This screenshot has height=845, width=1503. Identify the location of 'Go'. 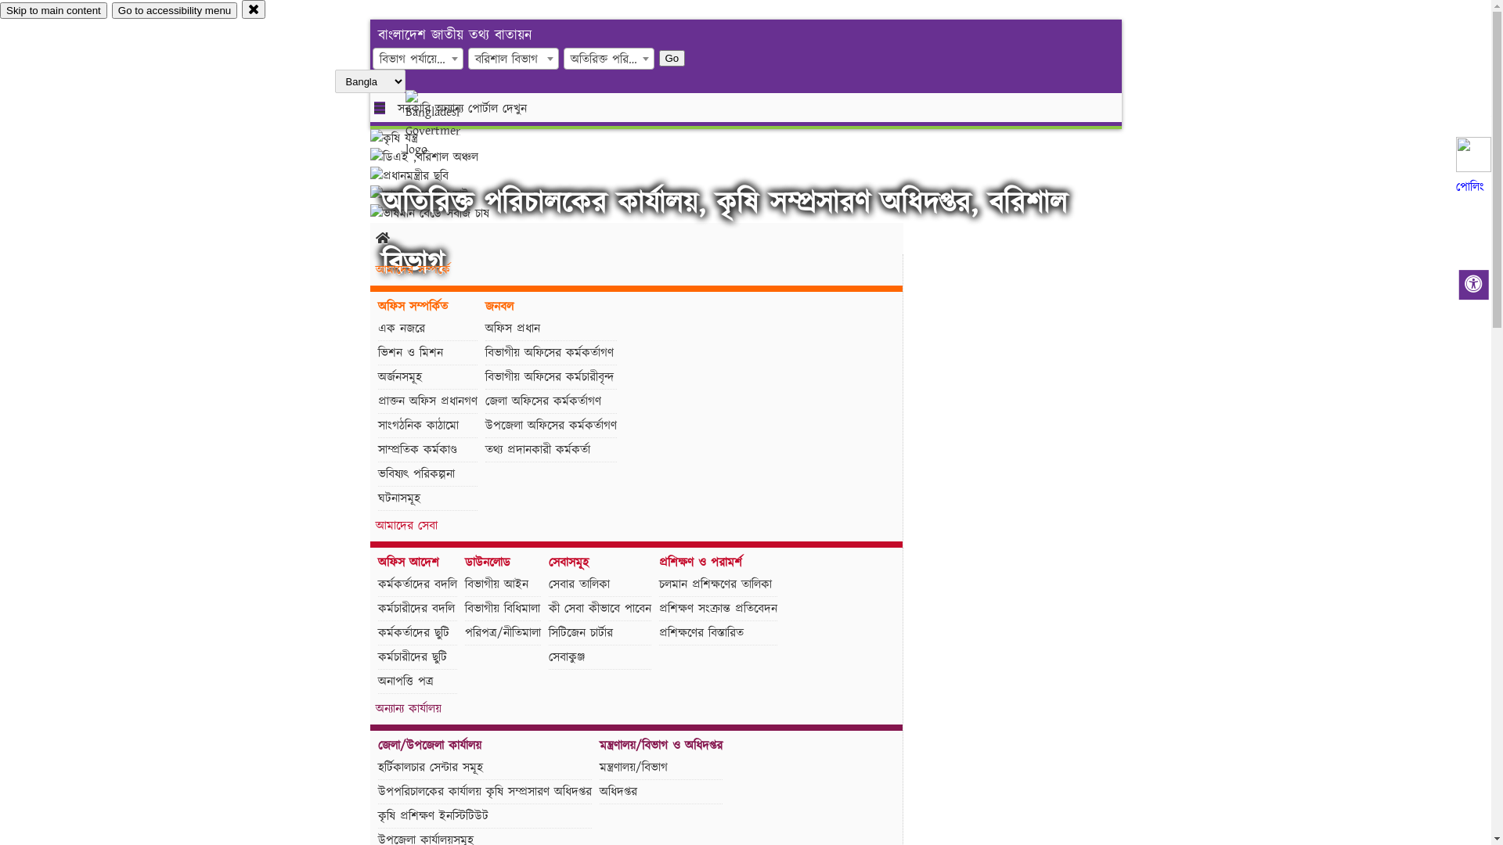
(672, 57).